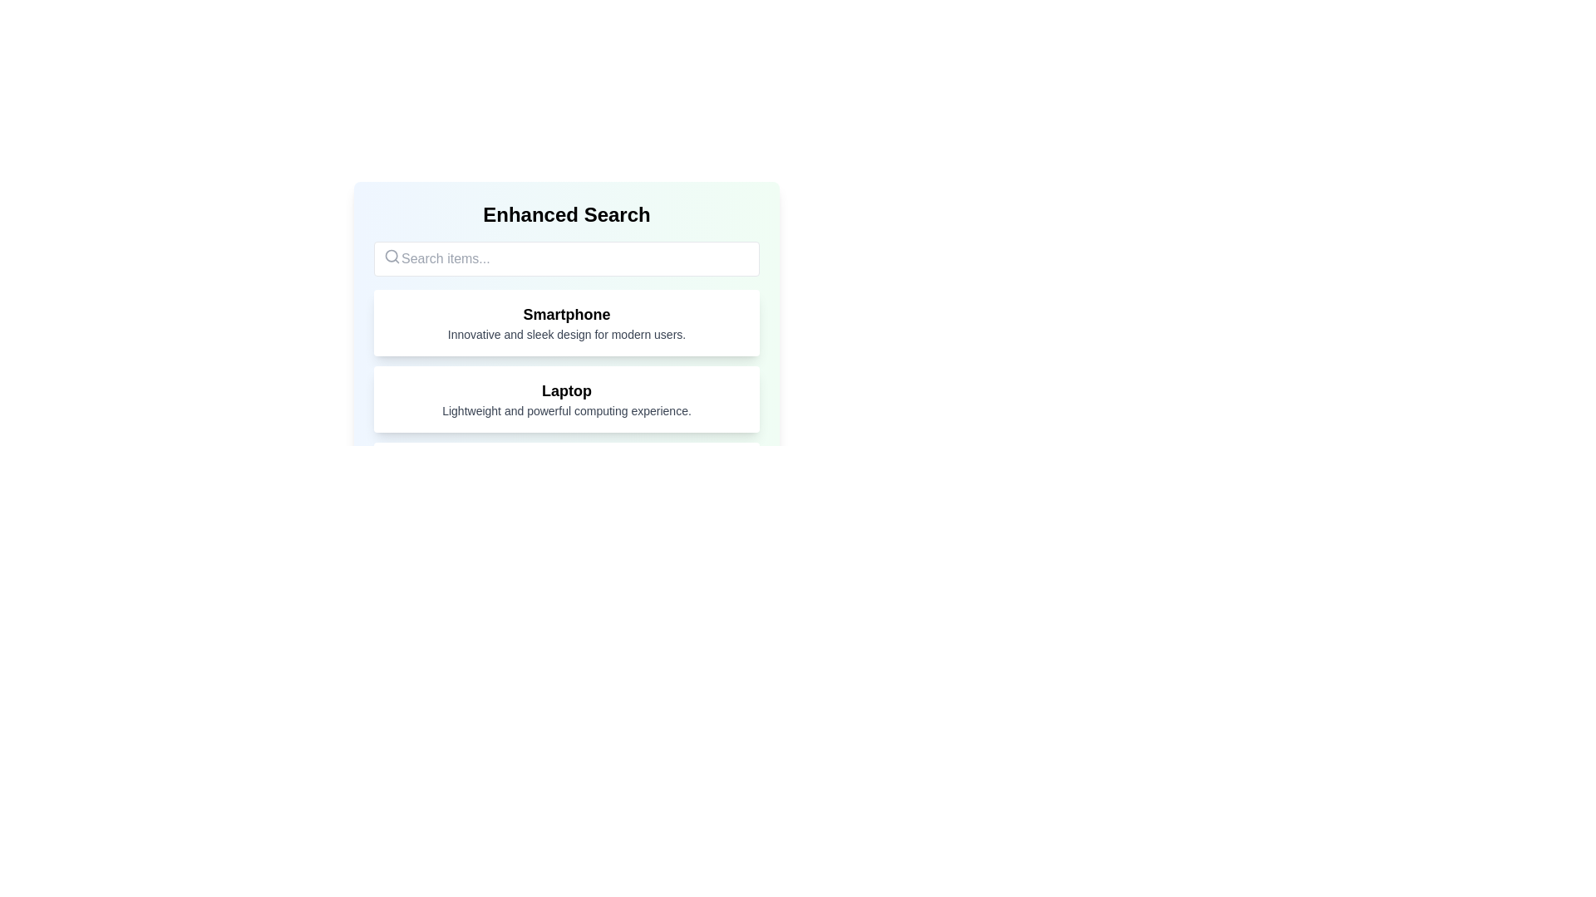 This screenshot has width=1596, height=897. I want to click on the descriptive text element that reads 'Lightweight and powerful computing experience.' located below the title 'Laptop.', so click(566, 410).